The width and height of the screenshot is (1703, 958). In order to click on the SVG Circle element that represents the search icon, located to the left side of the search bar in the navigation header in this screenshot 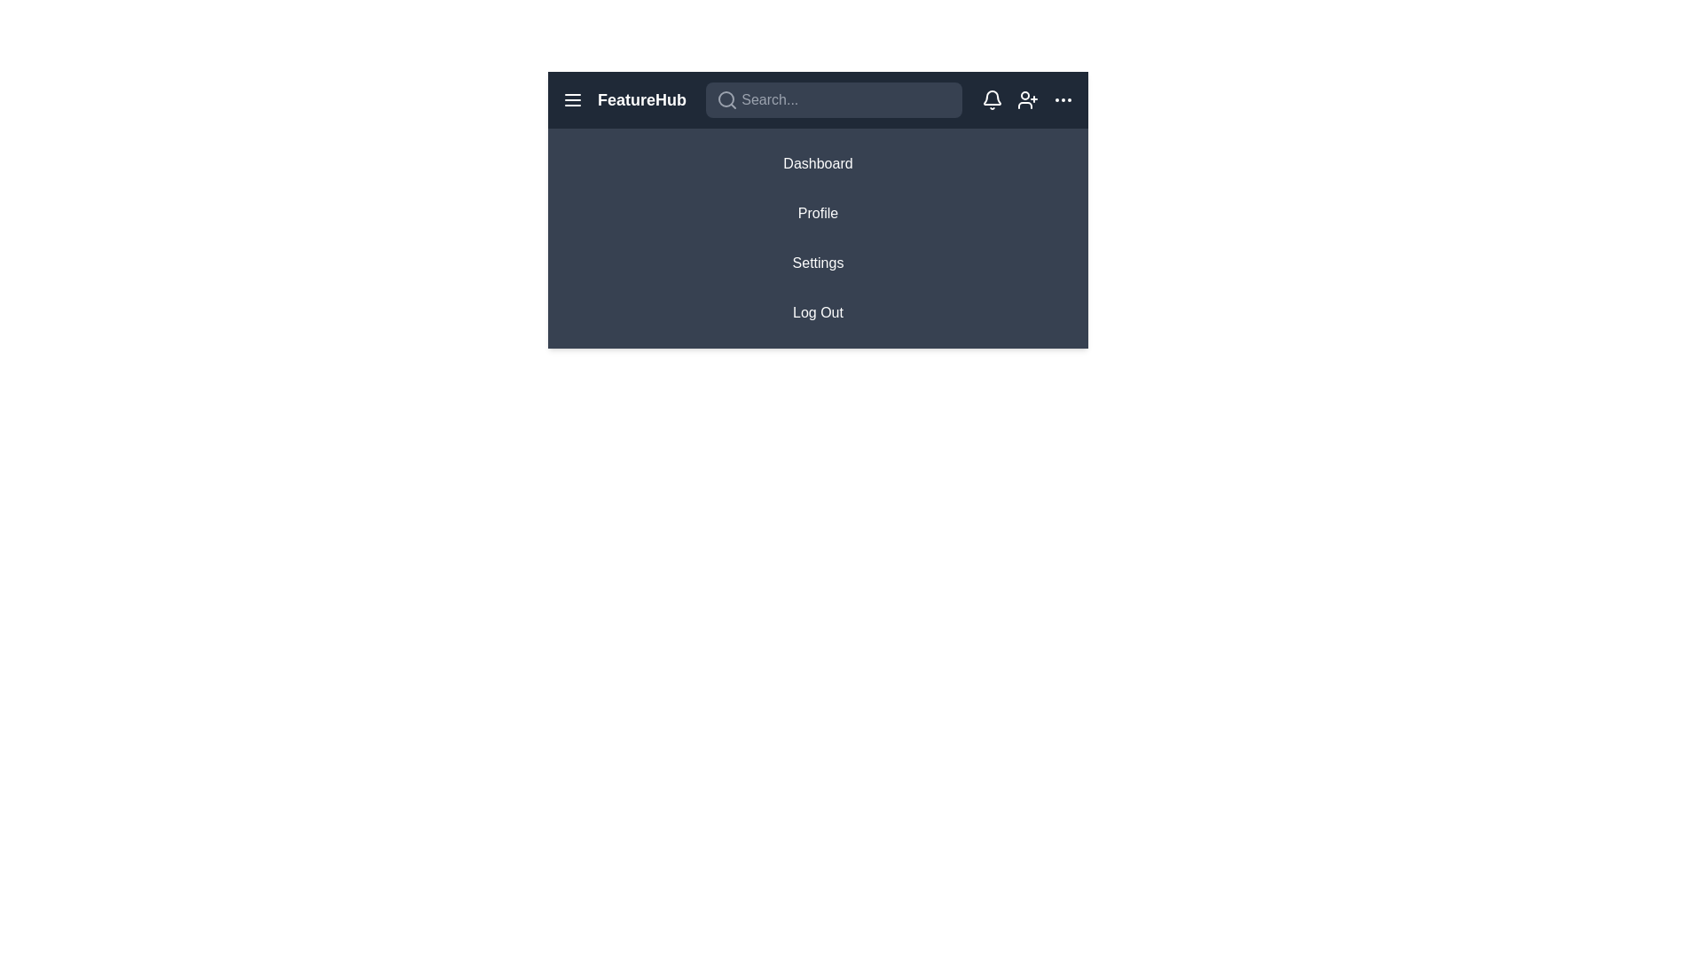, I will do `click(726, 98)`.